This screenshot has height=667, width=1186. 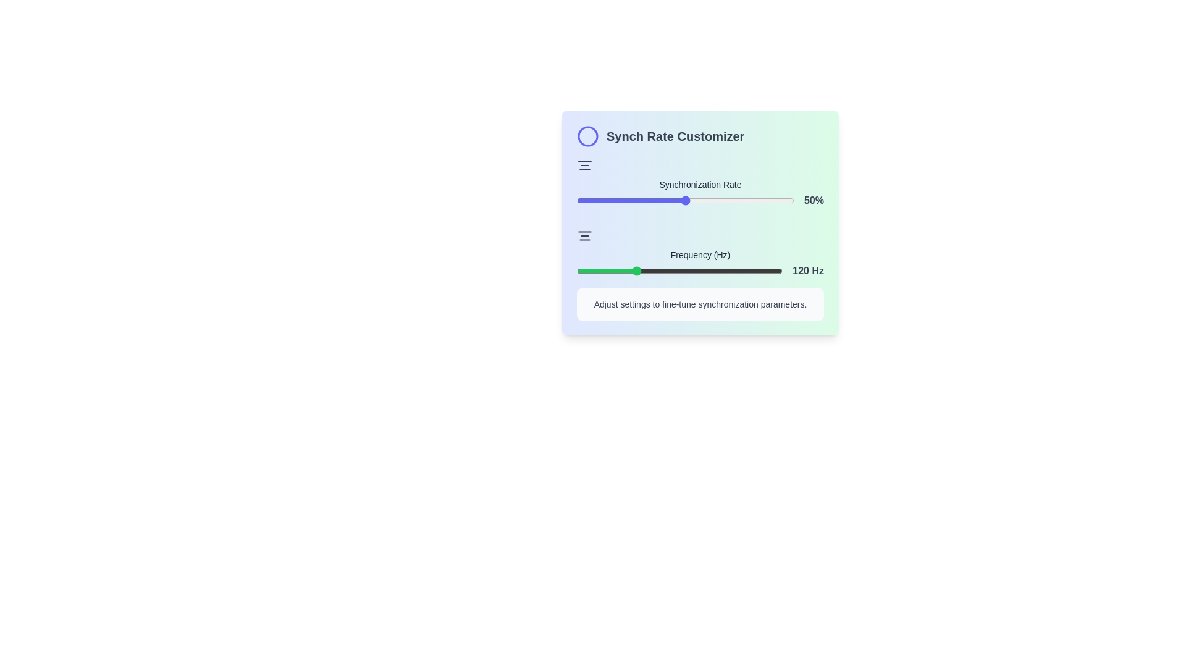 I want to click on the frequency slider to set the frequency to 172 Hz, so click(x=676, y=271).